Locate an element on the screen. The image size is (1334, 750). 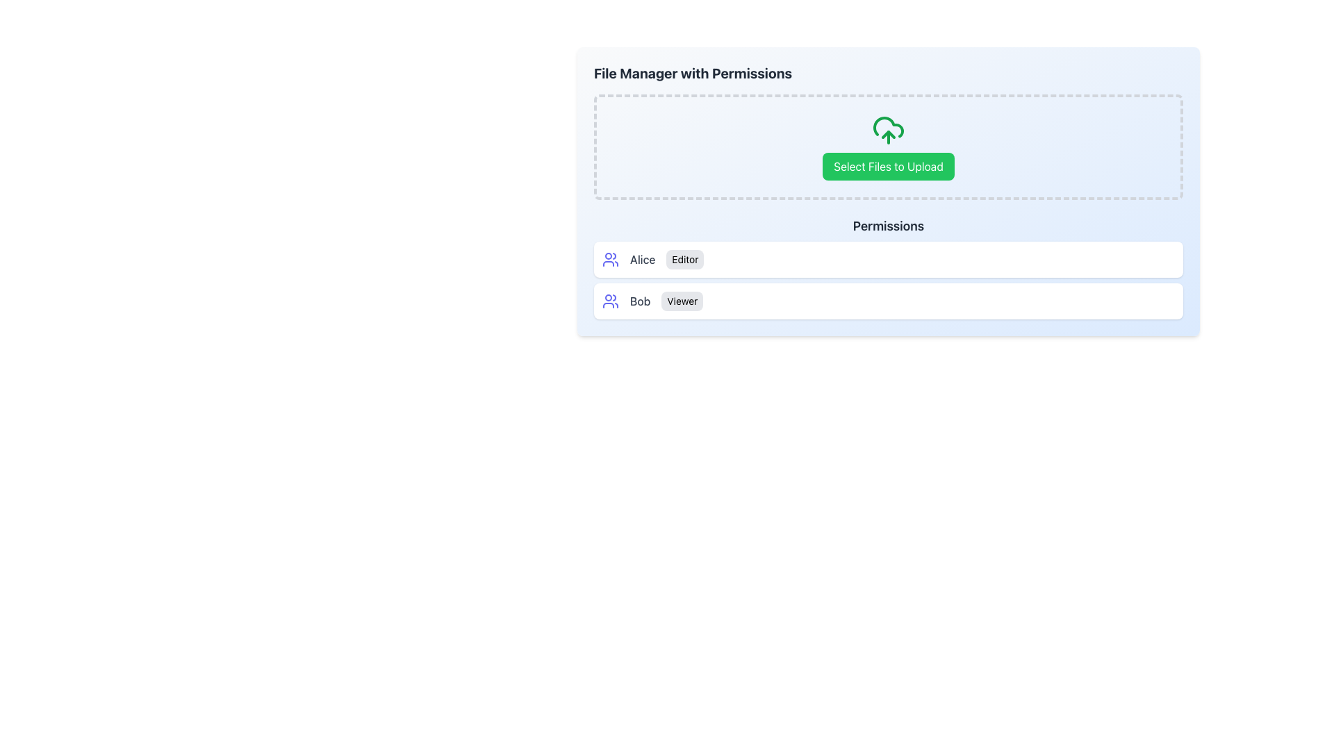
the static label displaying 'Editor' associated with the user 'Alice' in the permissions interface is located at coordinates (685, 260).